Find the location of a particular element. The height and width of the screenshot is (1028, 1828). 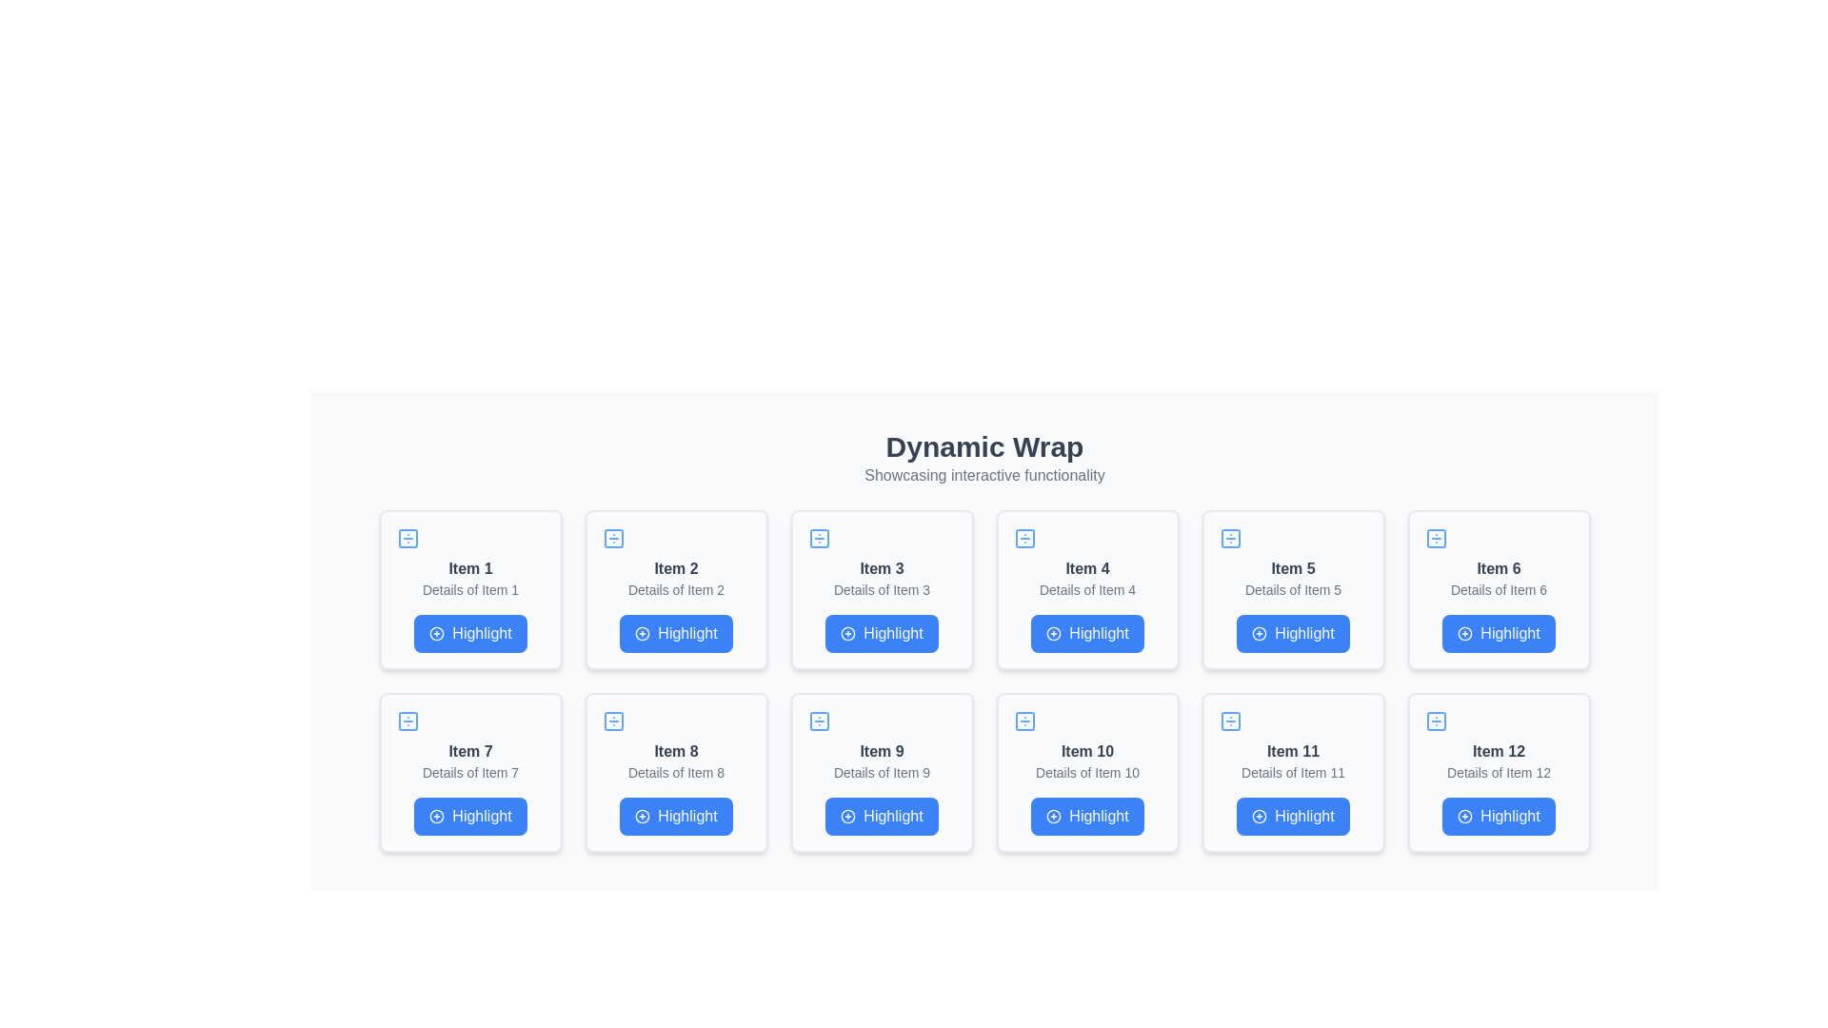

the icon located at the top-left corner of the card titled 'Item 9' is located at coordinates (819, 722).